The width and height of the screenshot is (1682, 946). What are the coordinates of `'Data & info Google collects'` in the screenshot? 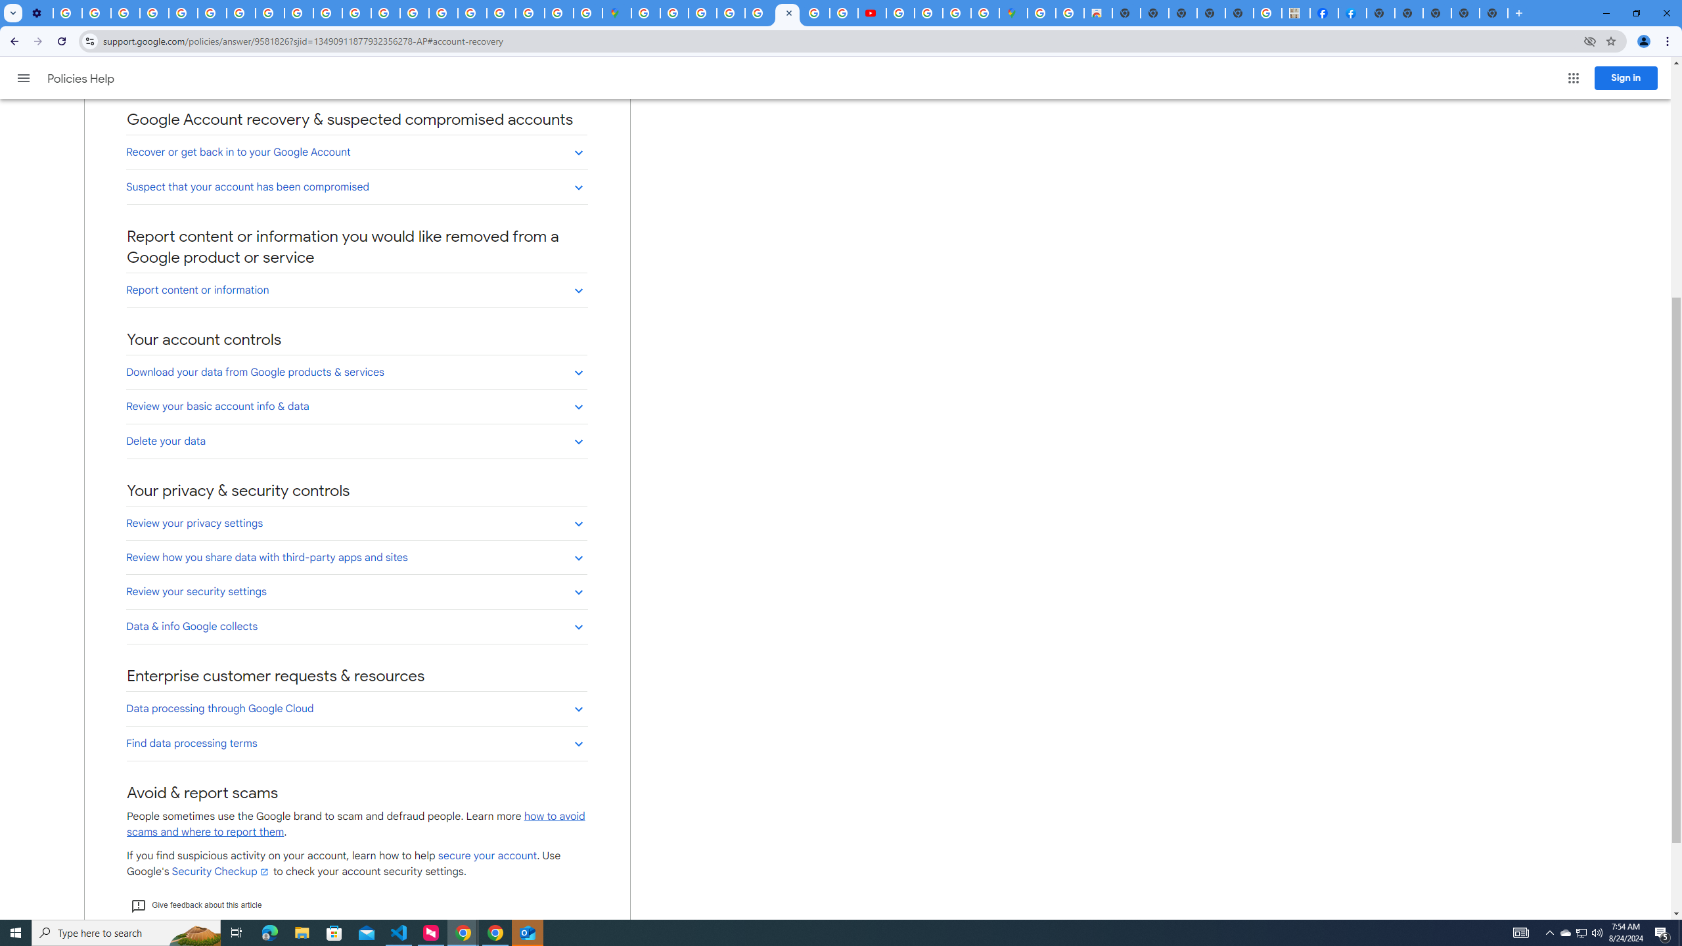 It's located at (356, 626).